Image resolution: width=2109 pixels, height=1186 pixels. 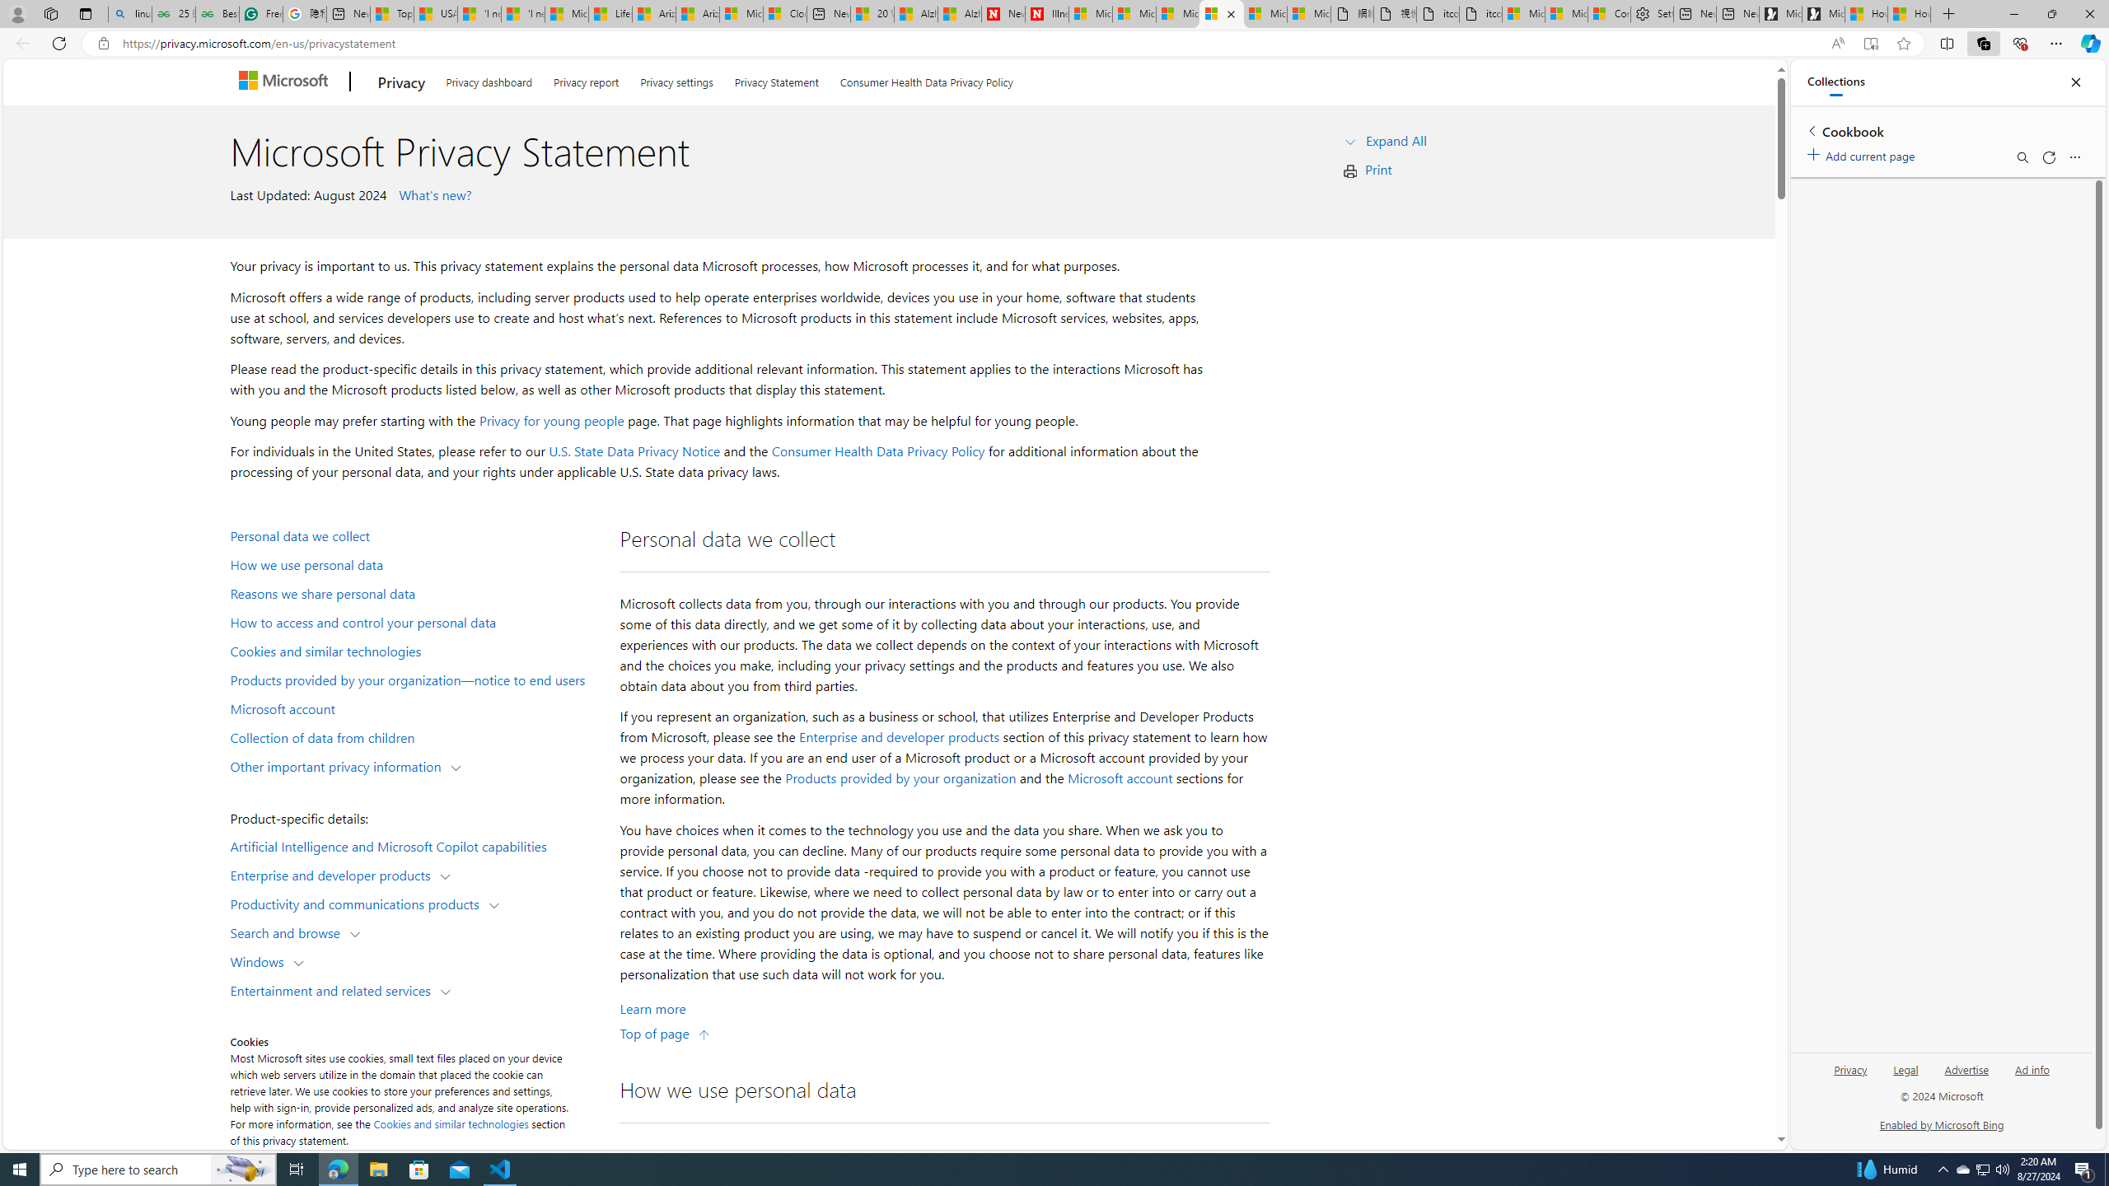 I want to click on 'Privacy report', so click(x=585, y=78).